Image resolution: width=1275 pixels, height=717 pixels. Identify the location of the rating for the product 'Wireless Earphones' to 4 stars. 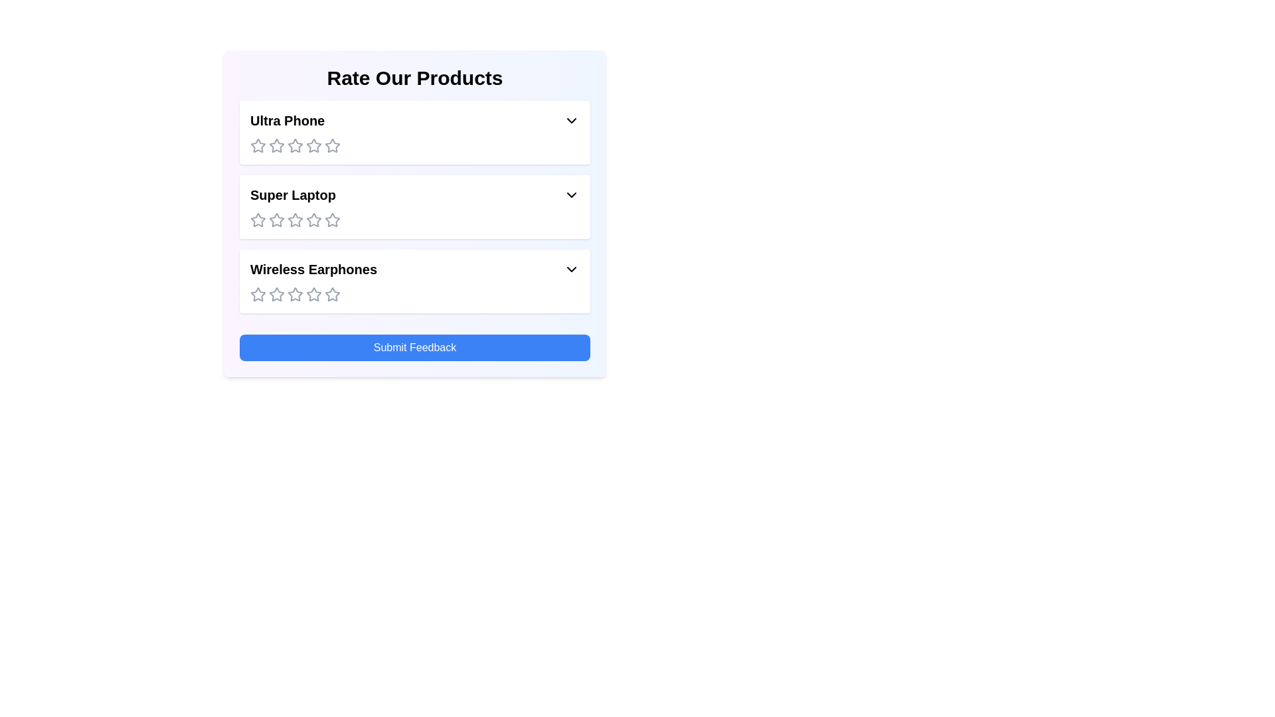
(313, 293).